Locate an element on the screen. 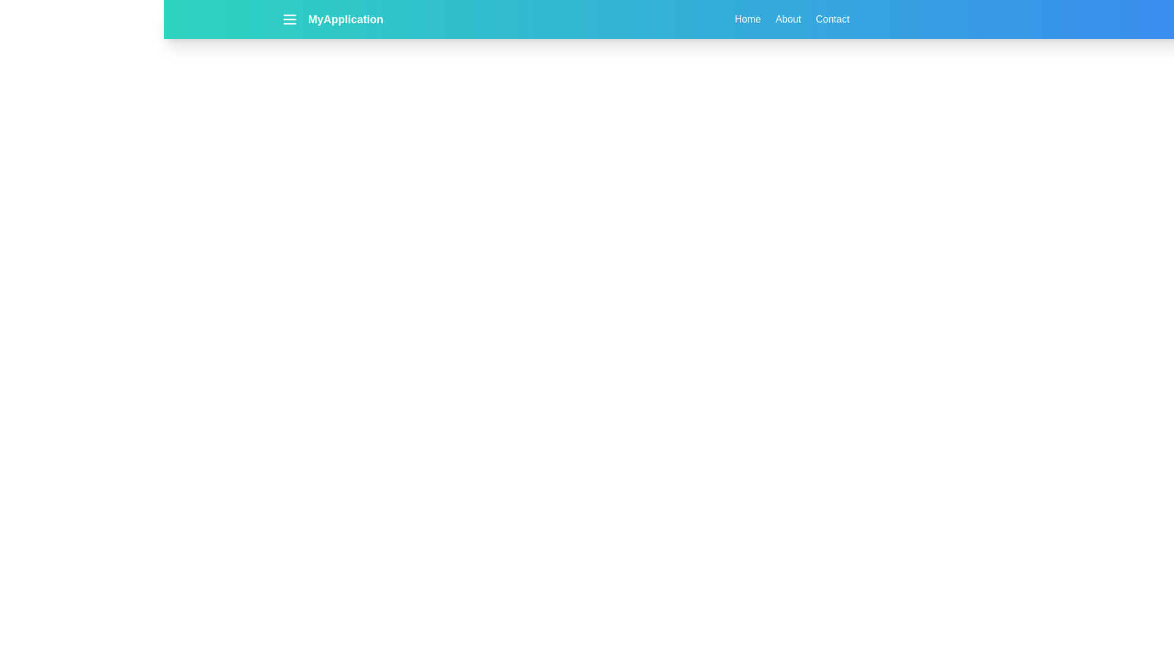 The width and height of the screenshot is (1174, 660). the application title text 'MyApplication' is located at coordinates (345, 19).